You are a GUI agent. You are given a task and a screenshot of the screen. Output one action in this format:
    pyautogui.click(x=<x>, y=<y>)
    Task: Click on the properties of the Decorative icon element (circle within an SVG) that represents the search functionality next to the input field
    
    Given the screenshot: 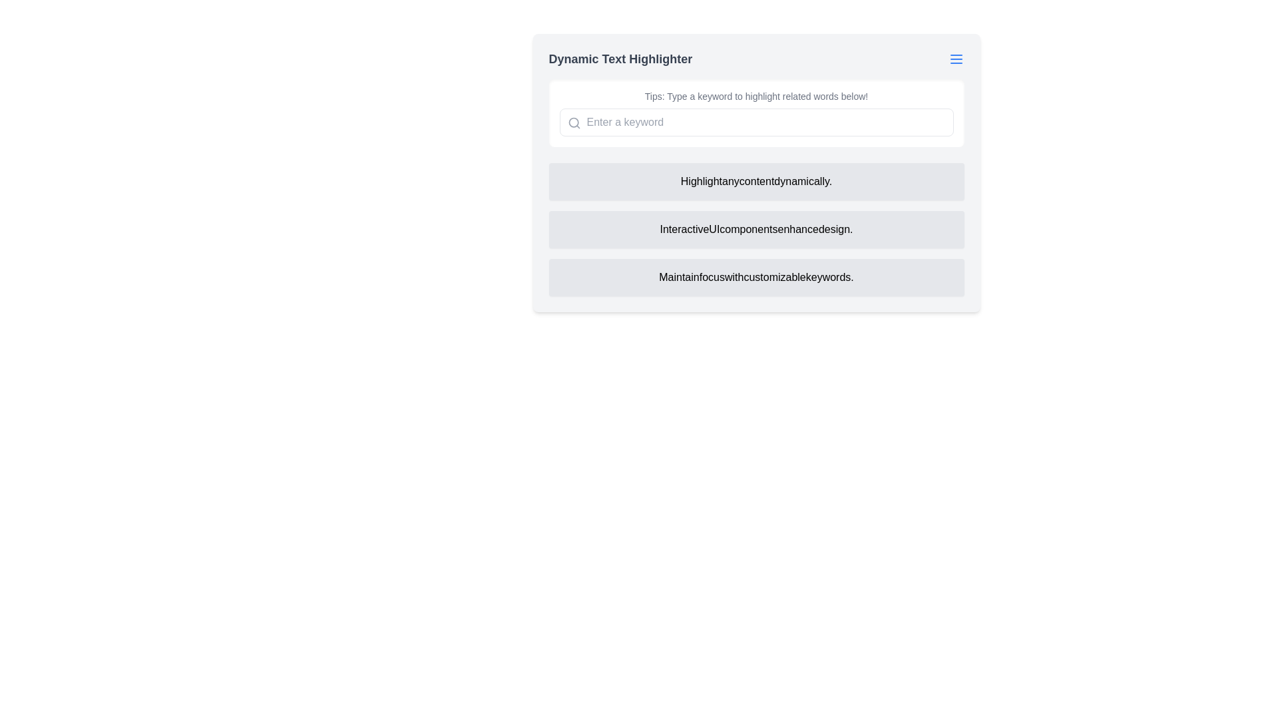 What is the action you would take?
    pyautogui.click(x=573, y=122)
    